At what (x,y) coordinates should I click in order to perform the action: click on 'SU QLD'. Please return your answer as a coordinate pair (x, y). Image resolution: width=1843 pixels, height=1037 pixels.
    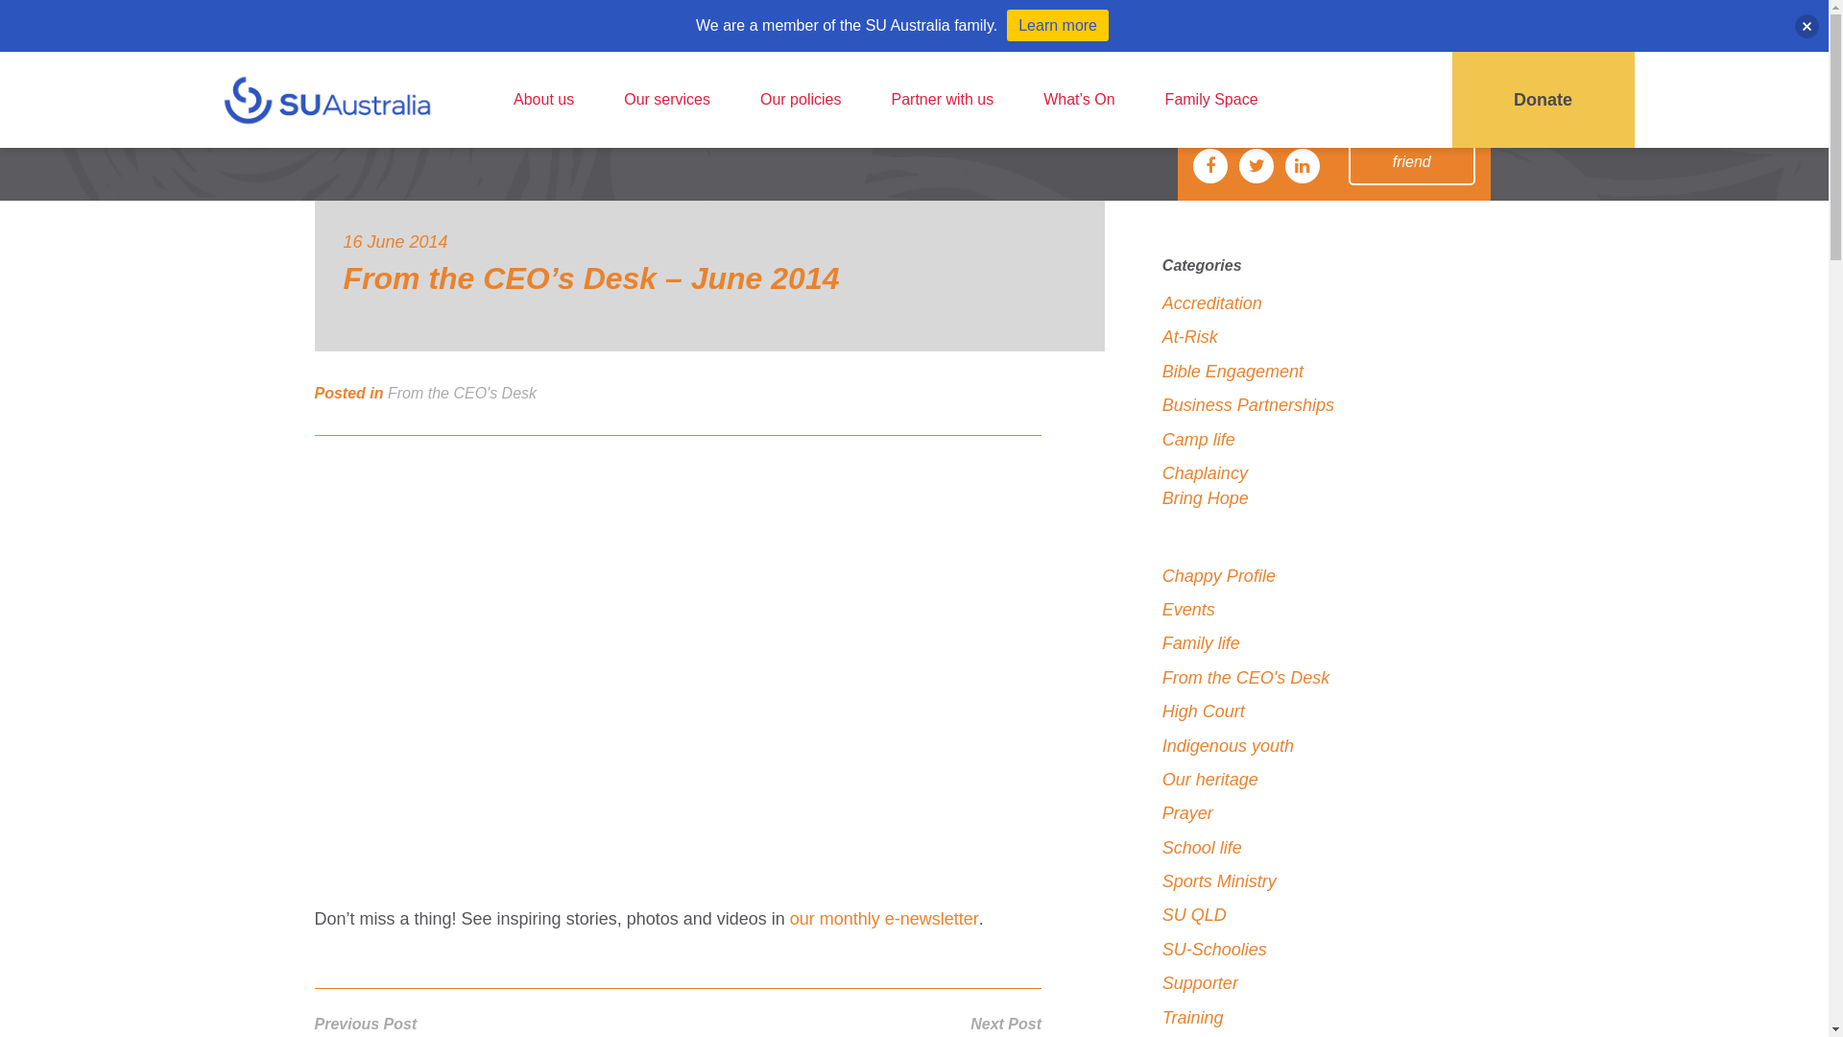
    Looking at the image, I should click on (1193, 913).